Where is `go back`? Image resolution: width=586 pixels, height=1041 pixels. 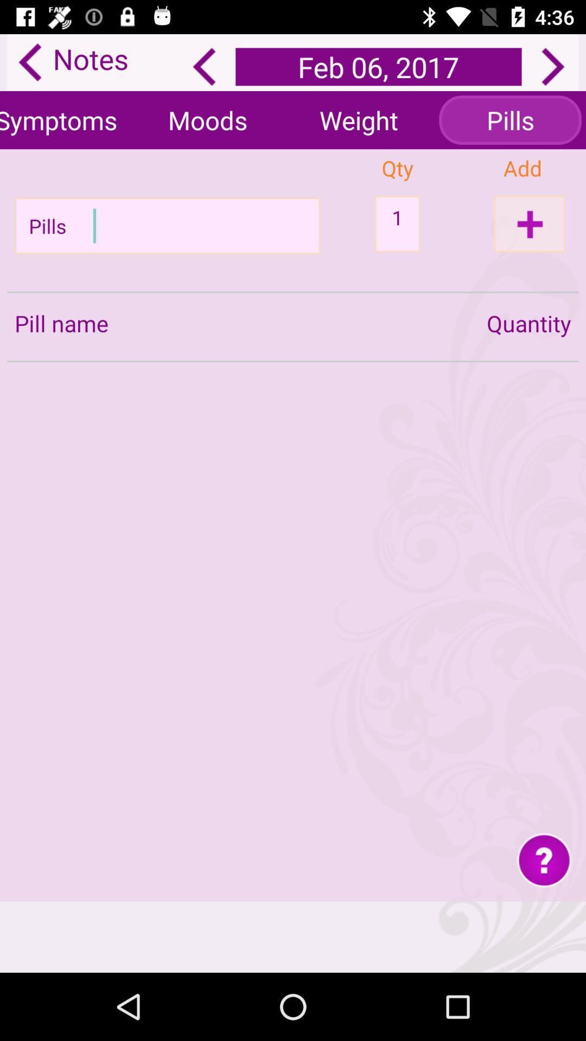
go back is located at coordinates (204, 66).